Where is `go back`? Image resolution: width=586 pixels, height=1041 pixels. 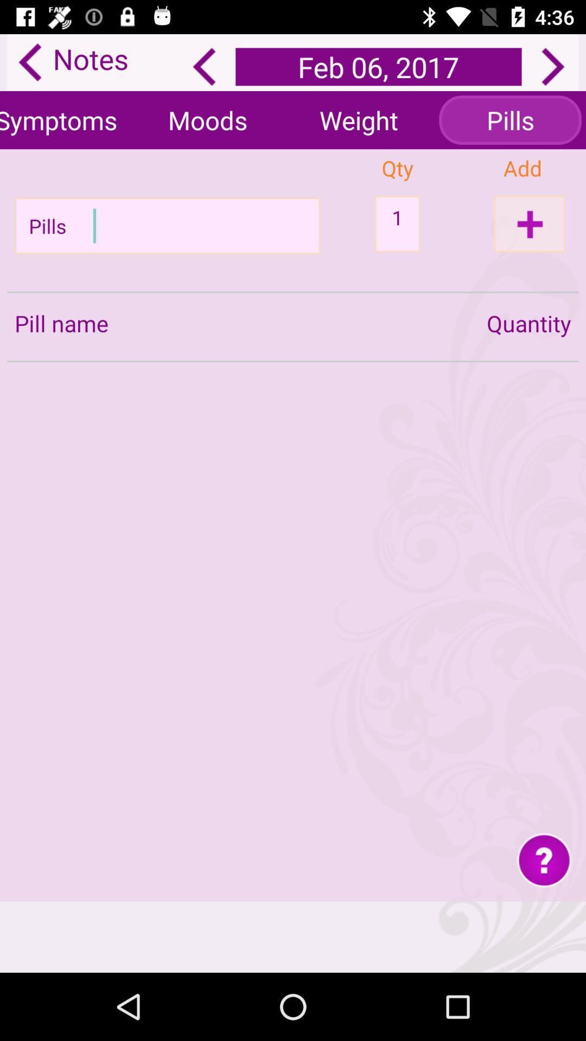
go back is located at coordinates (204, 66).